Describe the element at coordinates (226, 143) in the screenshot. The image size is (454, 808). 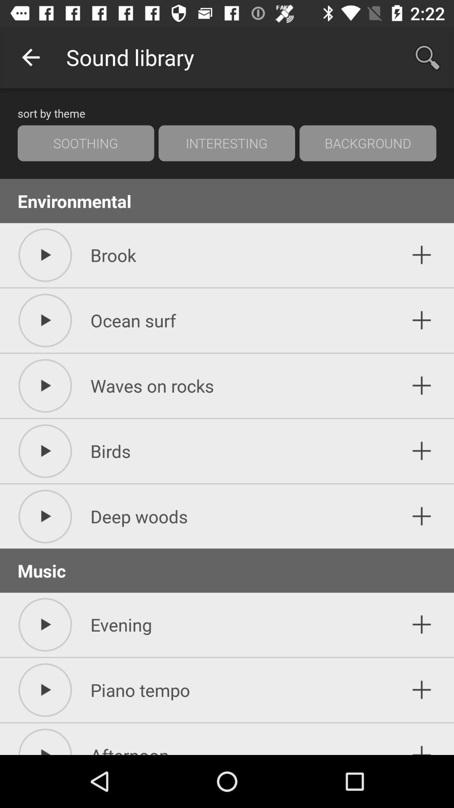
I see `icon next to soothing item` at that location.